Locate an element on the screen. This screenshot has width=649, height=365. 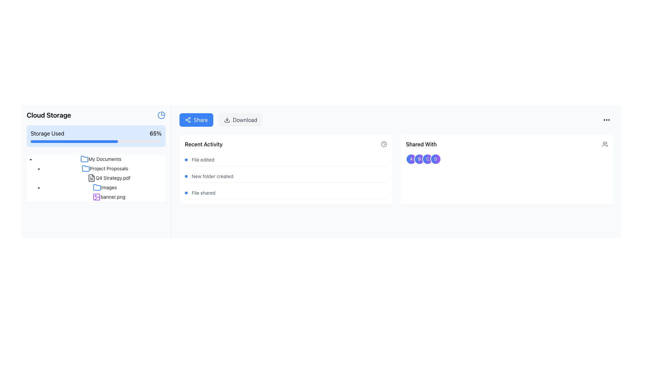
the circular user identifier avatar with a bold letter 'B' at its center is located at coordinates (419, 159).